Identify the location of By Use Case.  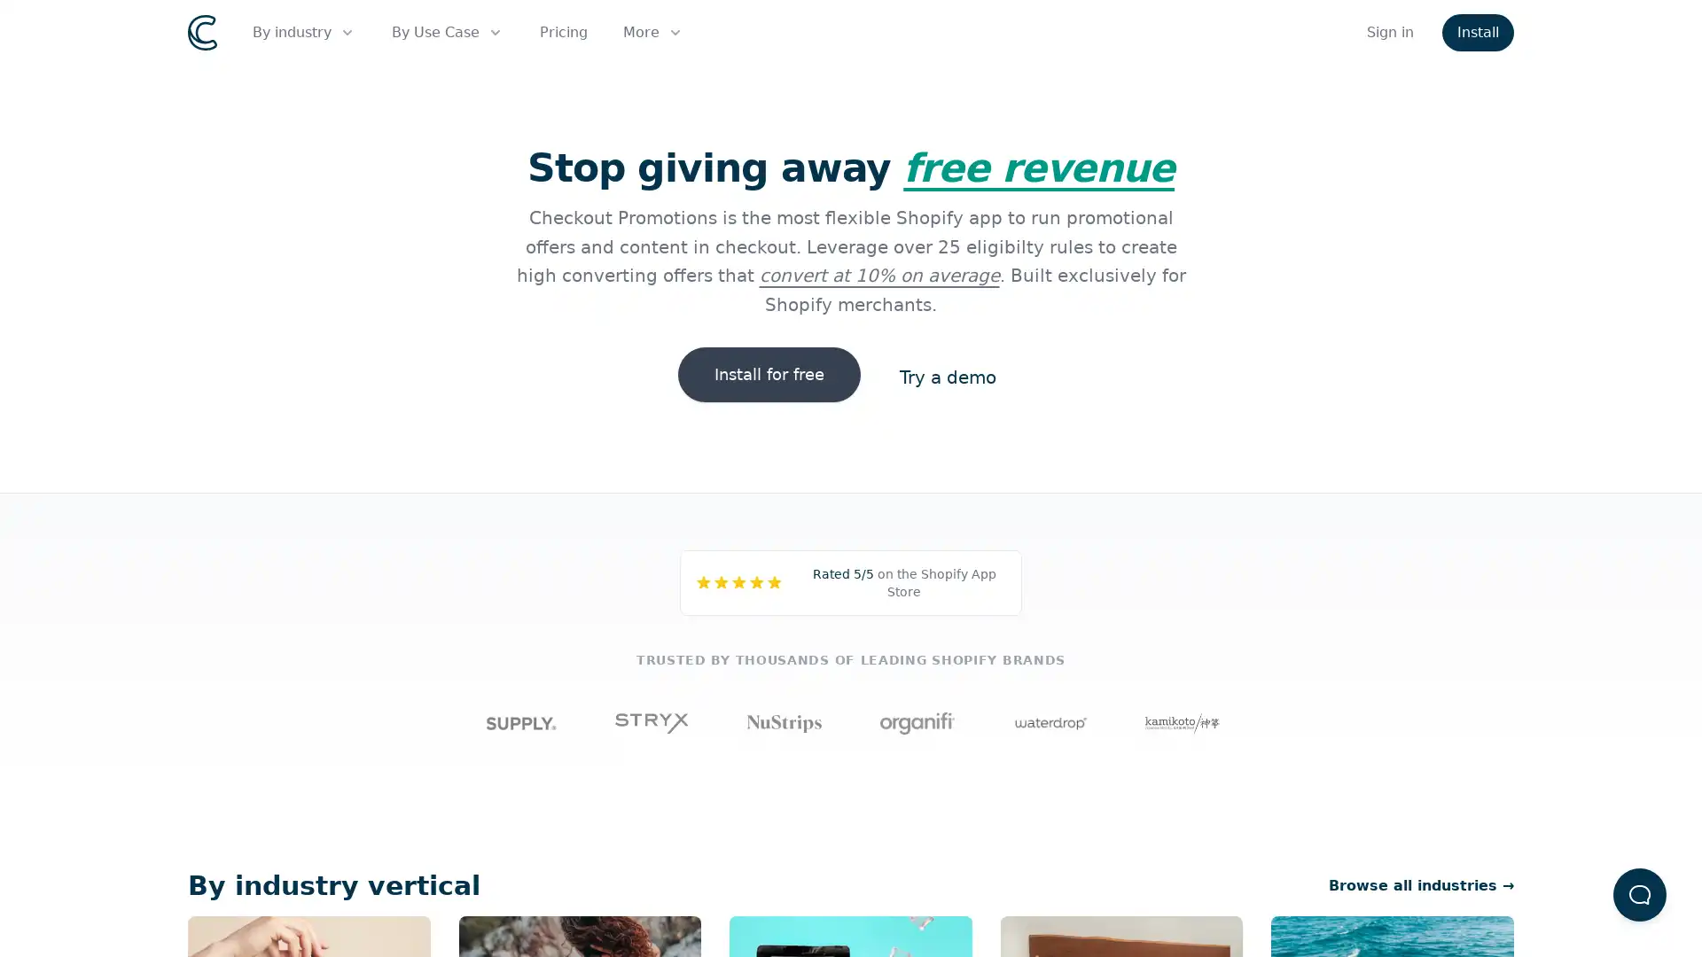
(448, 33).